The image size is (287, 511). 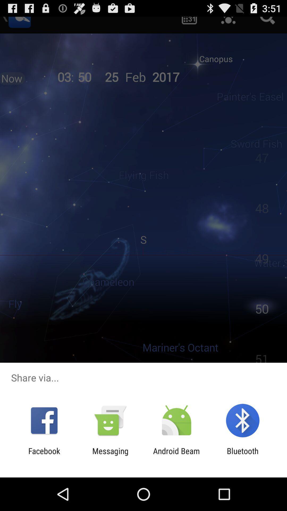 I want to click on the app next to messaging, so click(x=176, y=455).